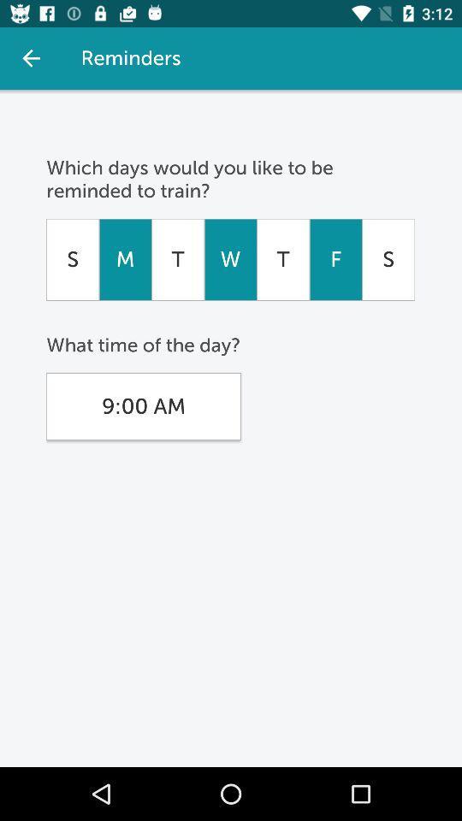  Describe the element at coordinates (124, 259) in the screenshot. I see `icon below the which days would` at that location.